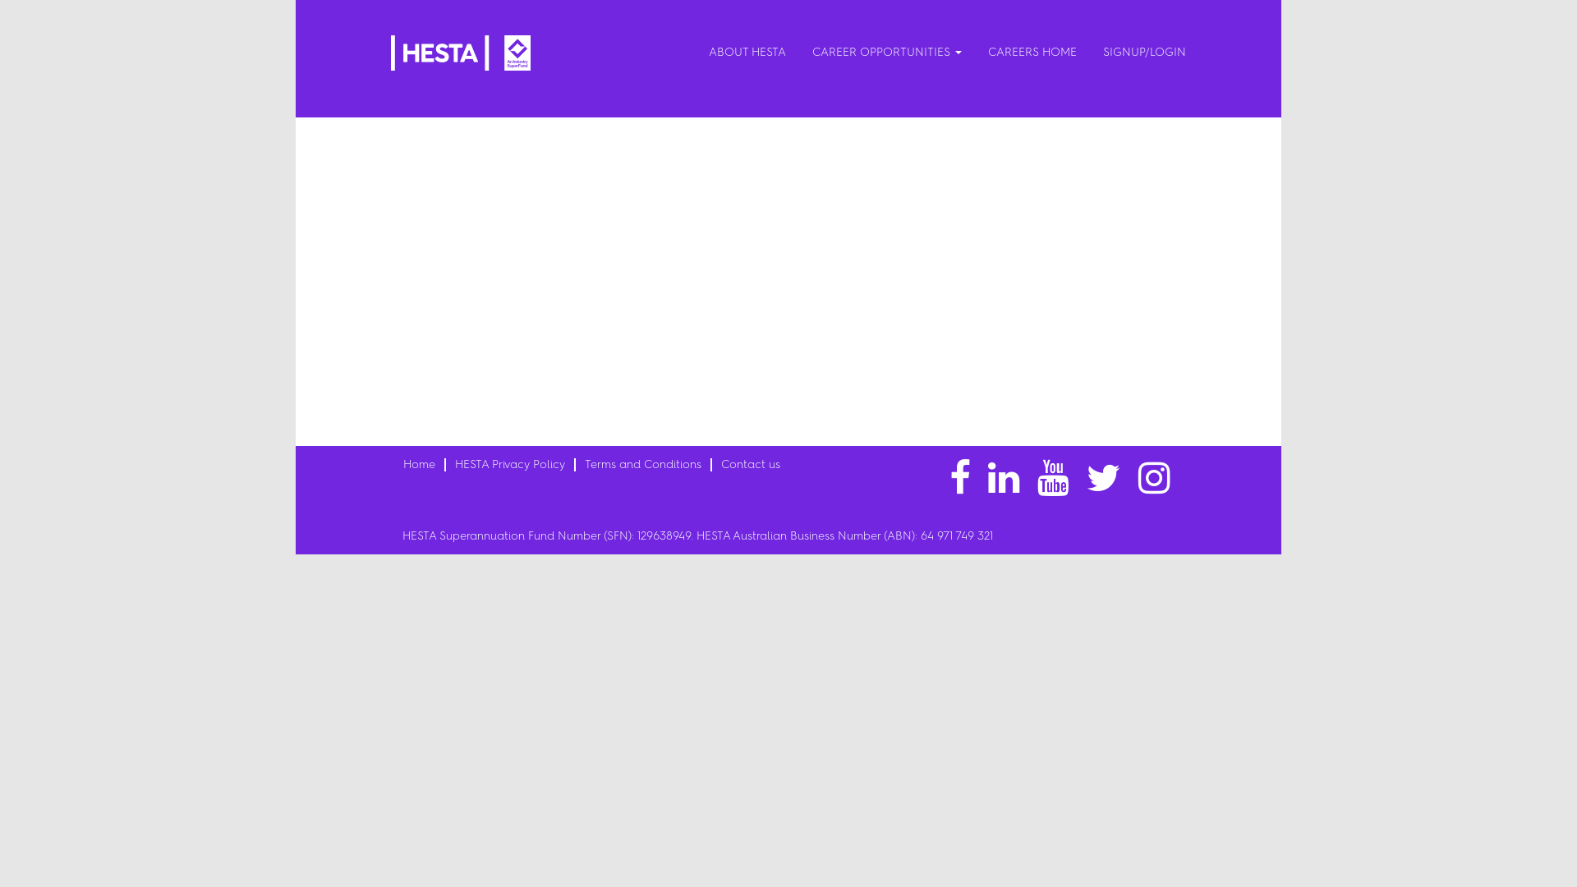 The width and height of the screenshot is (1577, 887). I want to click on 'Home', so click(419, 465).